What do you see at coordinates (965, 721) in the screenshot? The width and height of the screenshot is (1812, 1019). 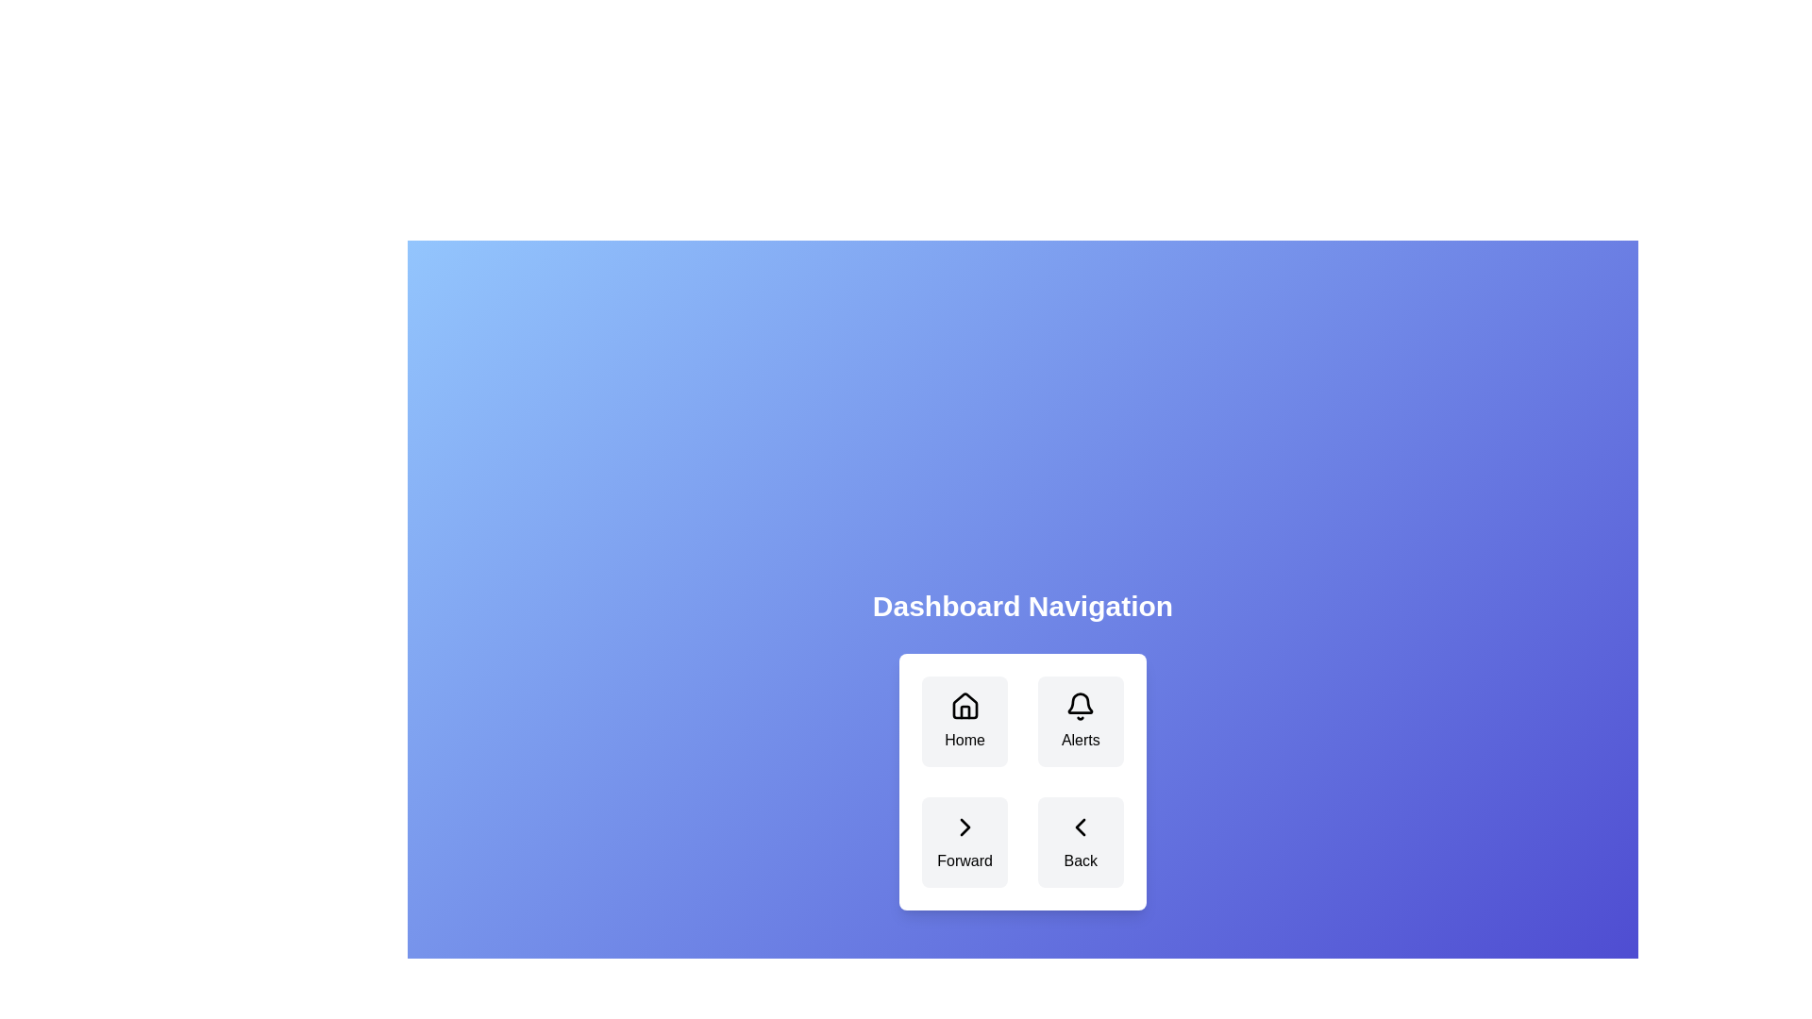 I see `the 'Home' button, which is a rectangular card with a house icon and the text 'Home', located in the top-left of the options grid` at bounding box center [965, 721].